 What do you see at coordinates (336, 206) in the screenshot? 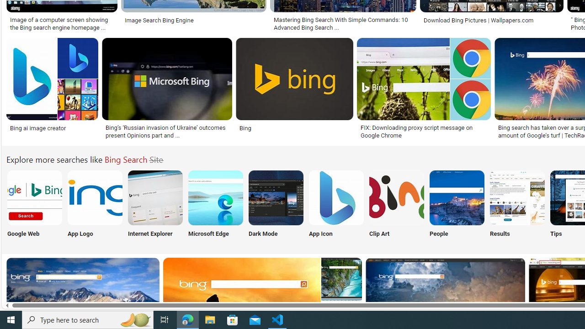
I see `'Bing Search App Icon App Icon'` at bounding box center [336, 206].